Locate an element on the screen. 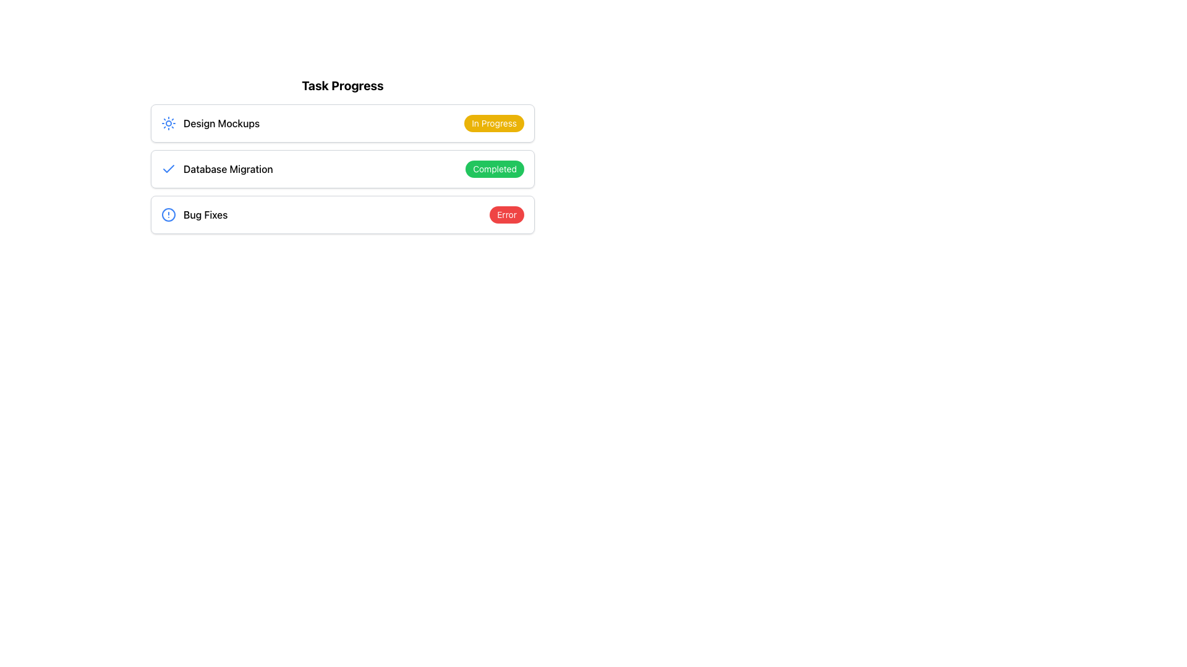 This screenshot has width=1187, height=667. the second task in the Task Progress Indicator to focus or select it is located at coordinates (342, 169).